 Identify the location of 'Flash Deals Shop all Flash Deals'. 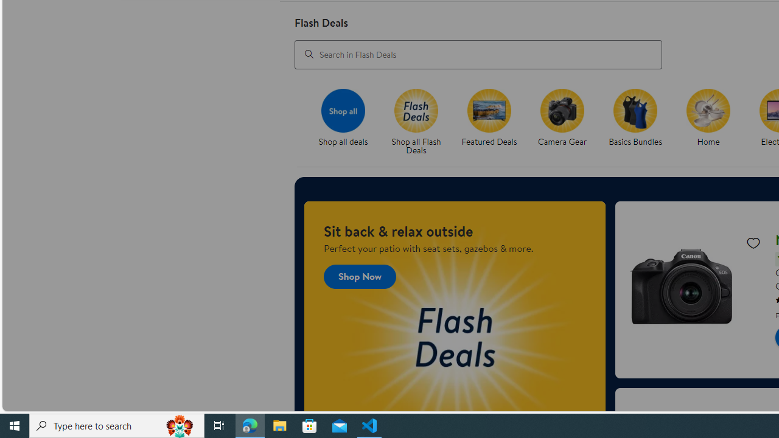
(416, 122).